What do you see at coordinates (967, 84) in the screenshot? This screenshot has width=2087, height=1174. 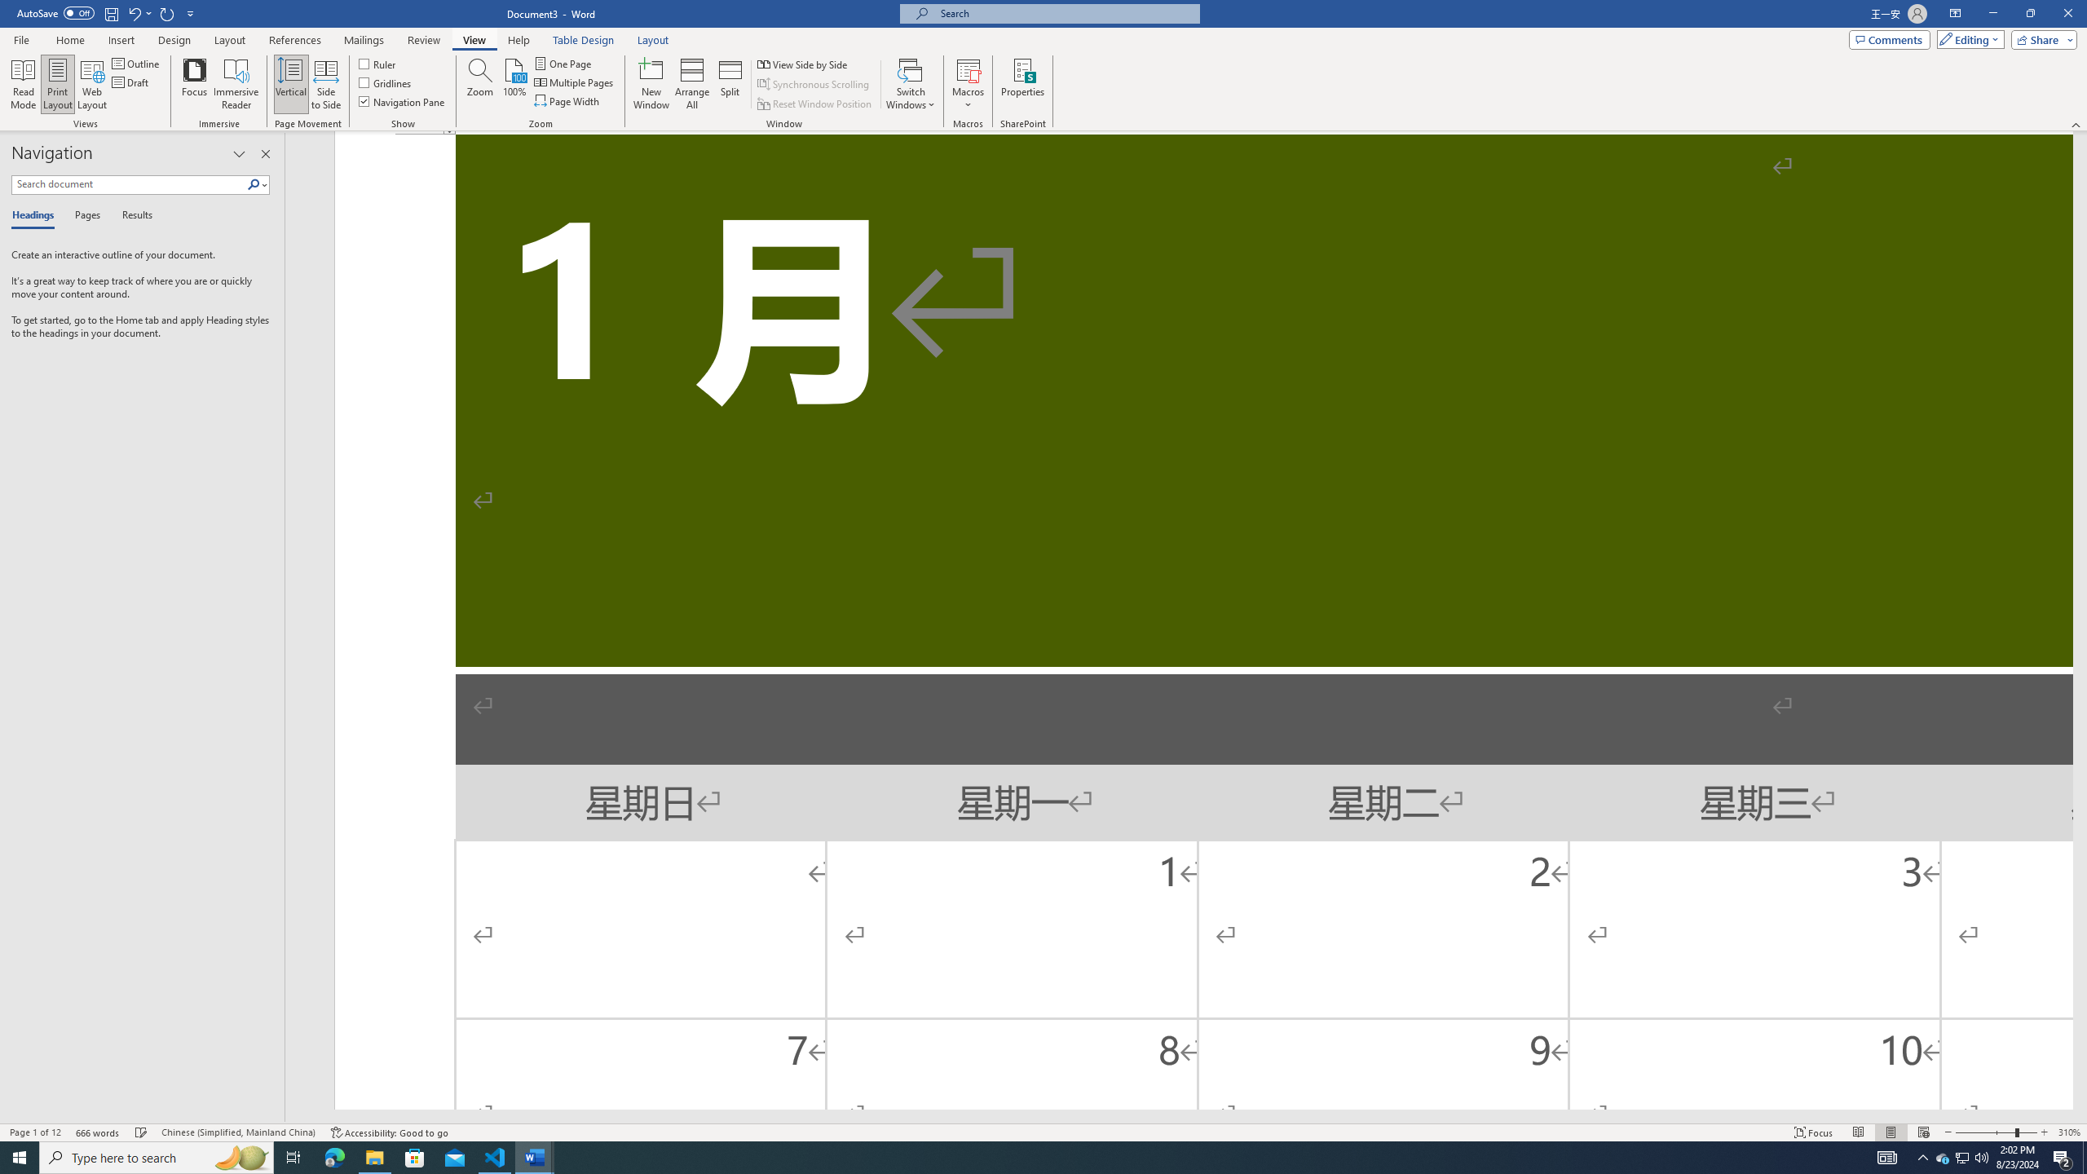 I see `'Macros'` at bounding box center [967, 84].